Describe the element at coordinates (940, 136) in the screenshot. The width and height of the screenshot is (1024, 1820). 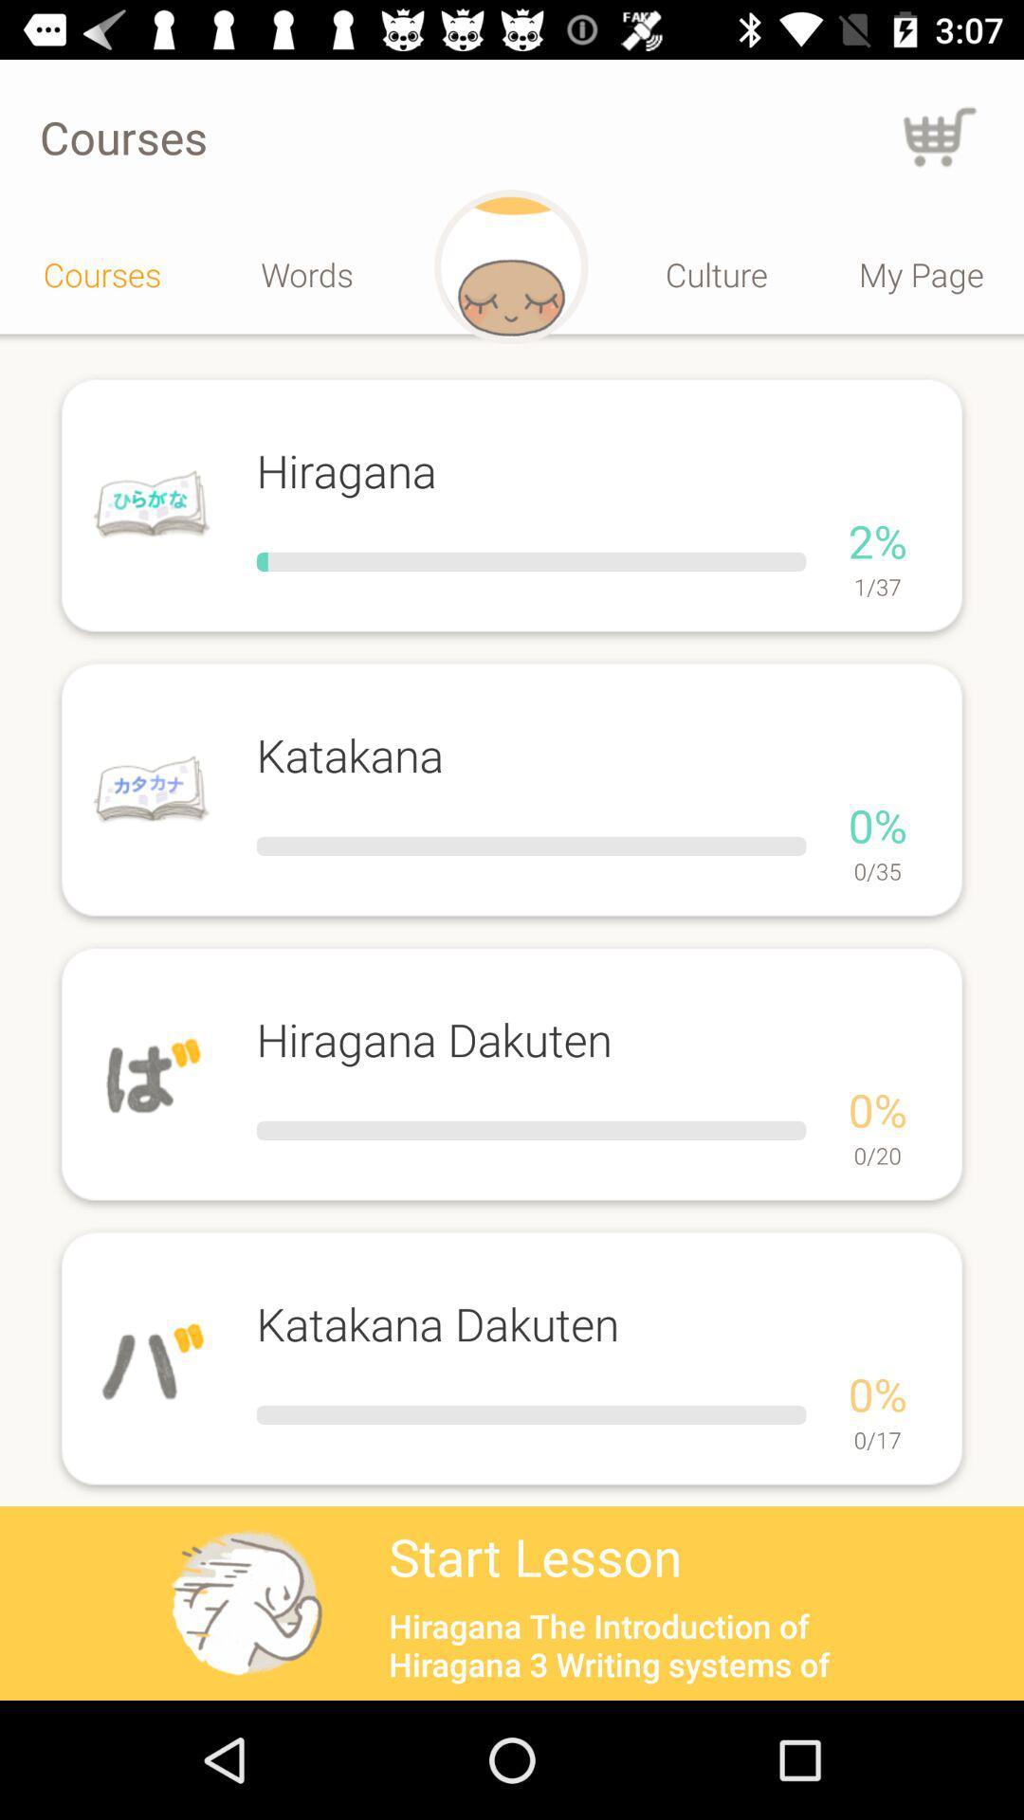
I see `open cart` at that location.